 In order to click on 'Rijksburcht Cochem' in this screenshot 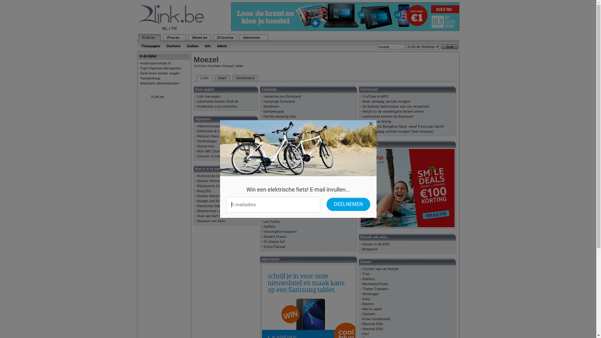, I will do `click(213, 186)`.